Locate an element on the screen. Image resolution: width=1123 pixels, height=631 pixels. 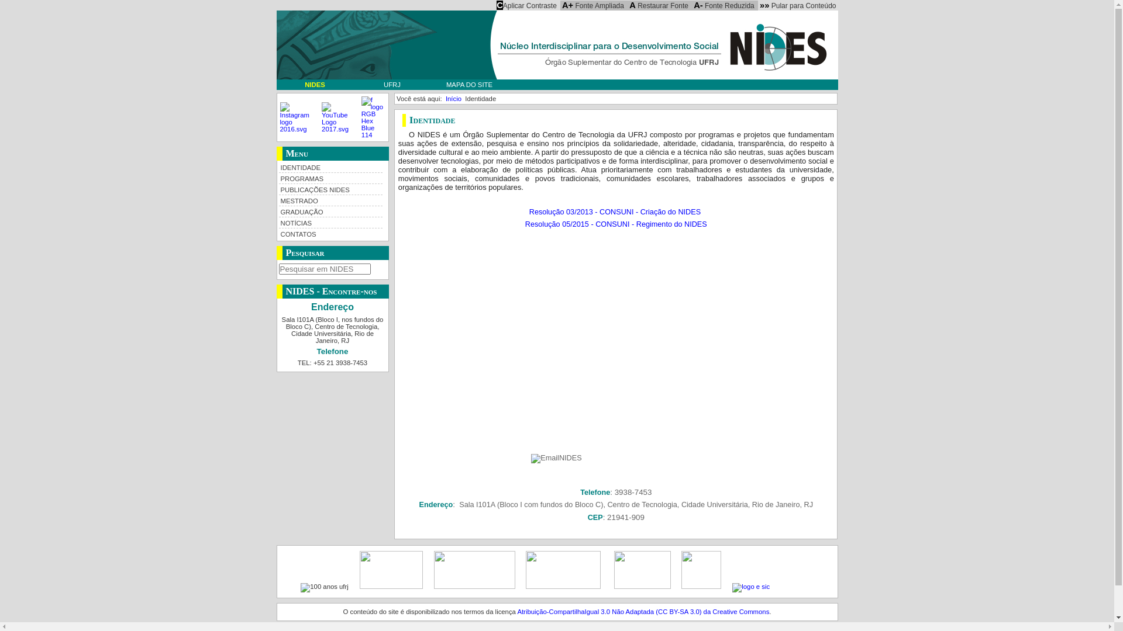
'MESTRADO' is located at coordinates (330, 199).